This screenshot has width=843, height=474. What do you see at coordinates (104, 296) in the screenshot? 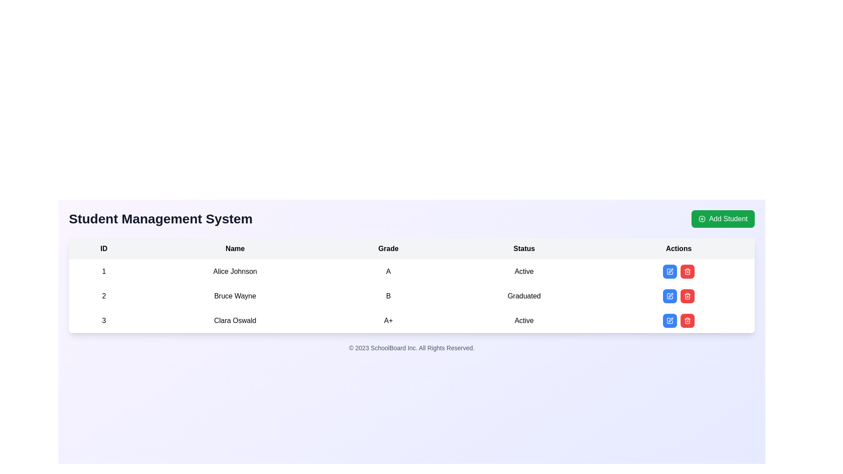
I see `the static text element displaying the number '2', which is located in the second row of a table under the 'ID' column` at bounding box center [104, 296].